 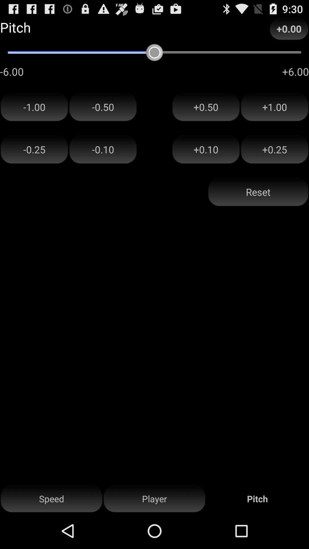 I want to click on icon next to the player button, so click(x=51, y=499).